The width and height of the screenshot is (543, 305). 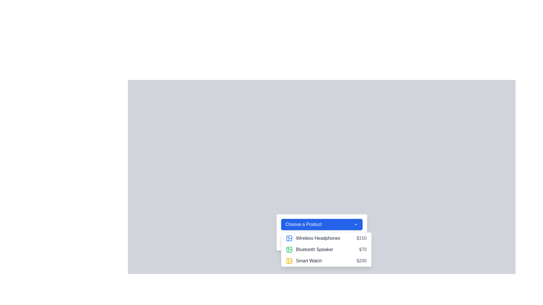 I want to click on the 'Smart Watch' icon located in the third row of the dropdown menu list, positioned to the left of the text 'Smart Watch', so click(x=289, y=261).